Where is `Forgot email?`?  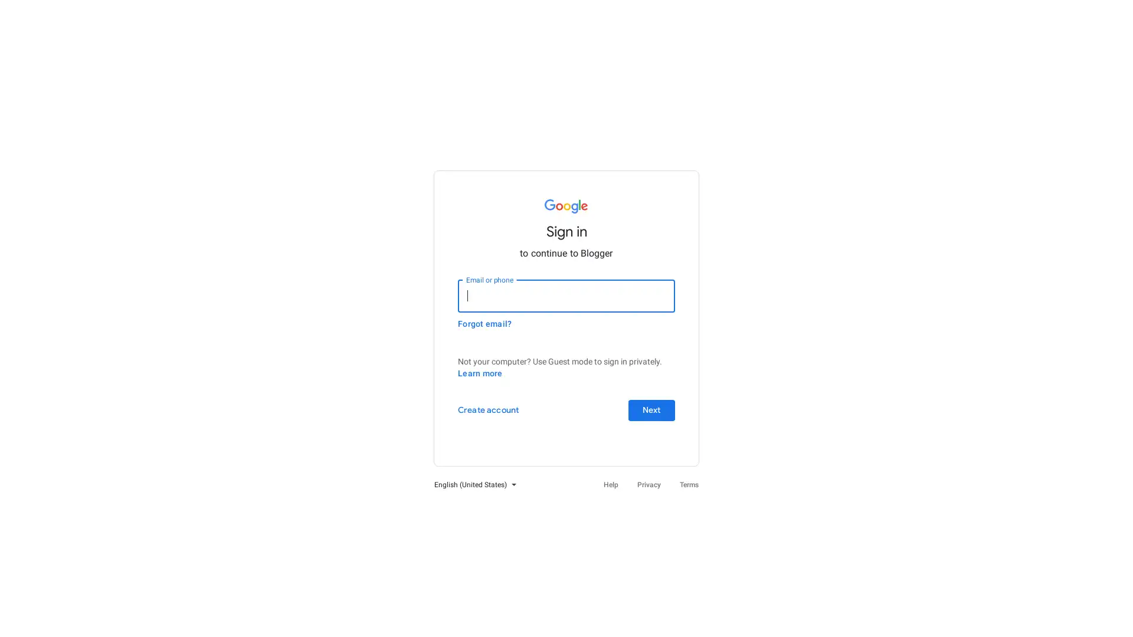
Forgot email? is located at coordinates (484, 323).